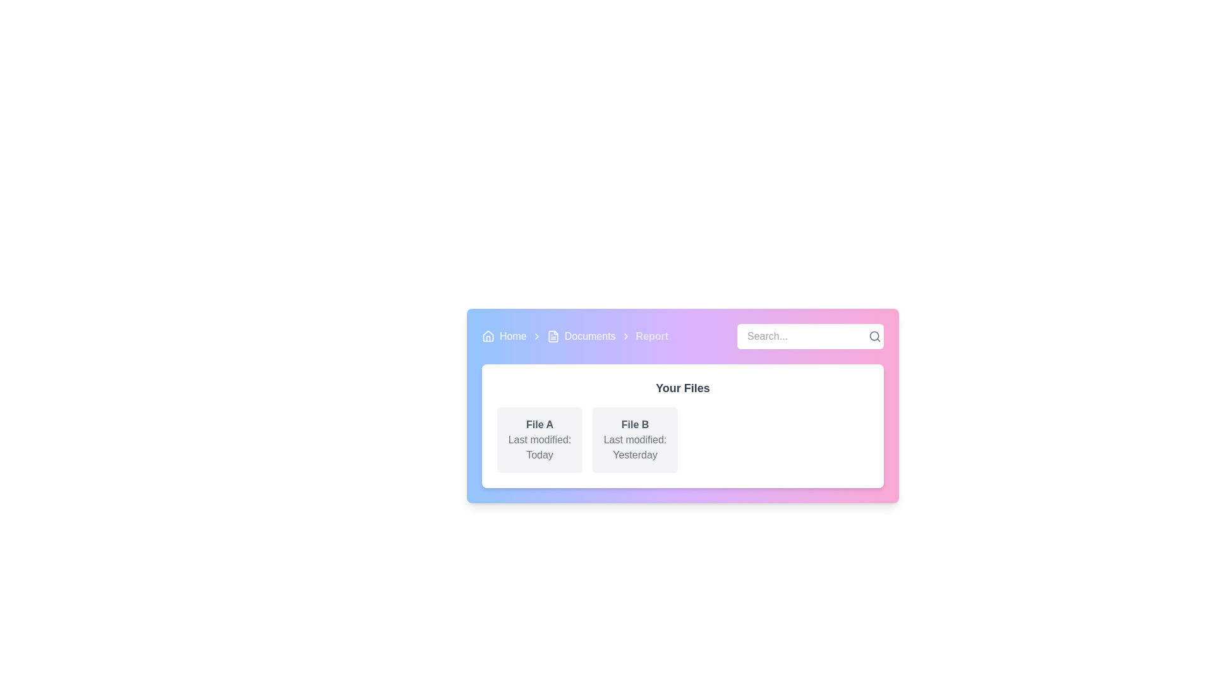 This screenshot has height=682, width=1213. I want to click on the static text label that displays the modification status of a file, indicating the last modification date as 'Today', so click(540, 447).